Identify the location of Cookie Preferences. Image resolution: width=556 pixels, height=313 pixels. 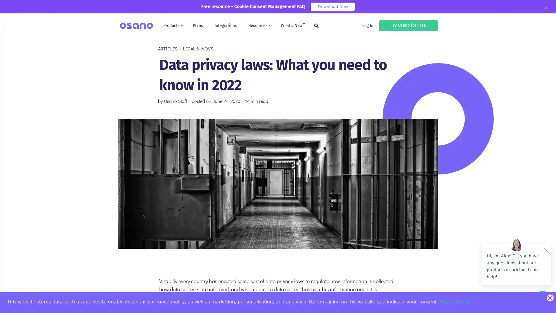
(9, 303).